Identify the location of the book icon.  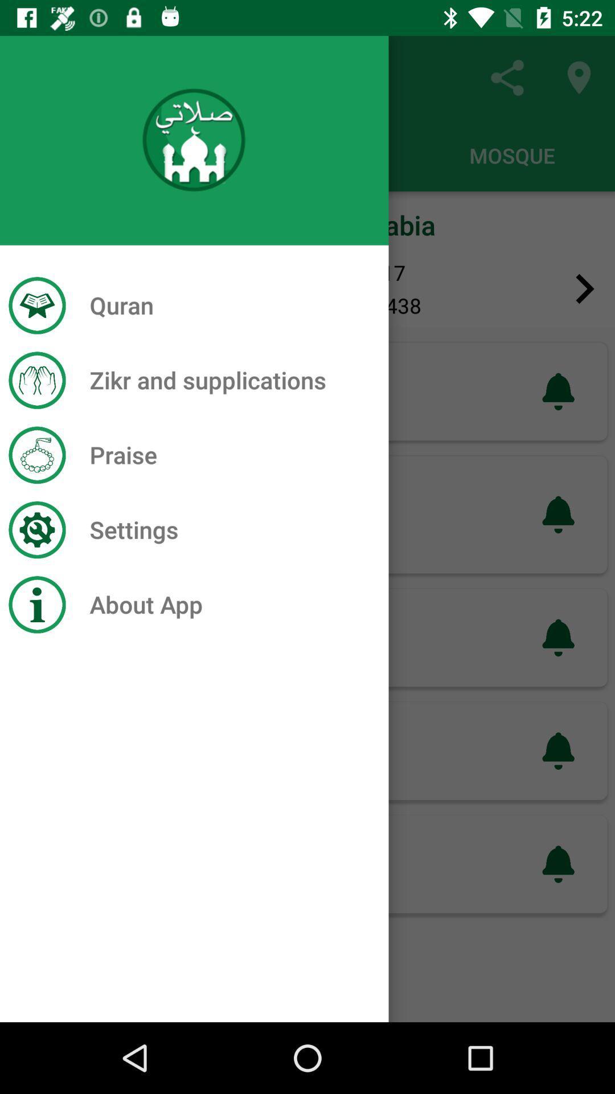
(29, 289).